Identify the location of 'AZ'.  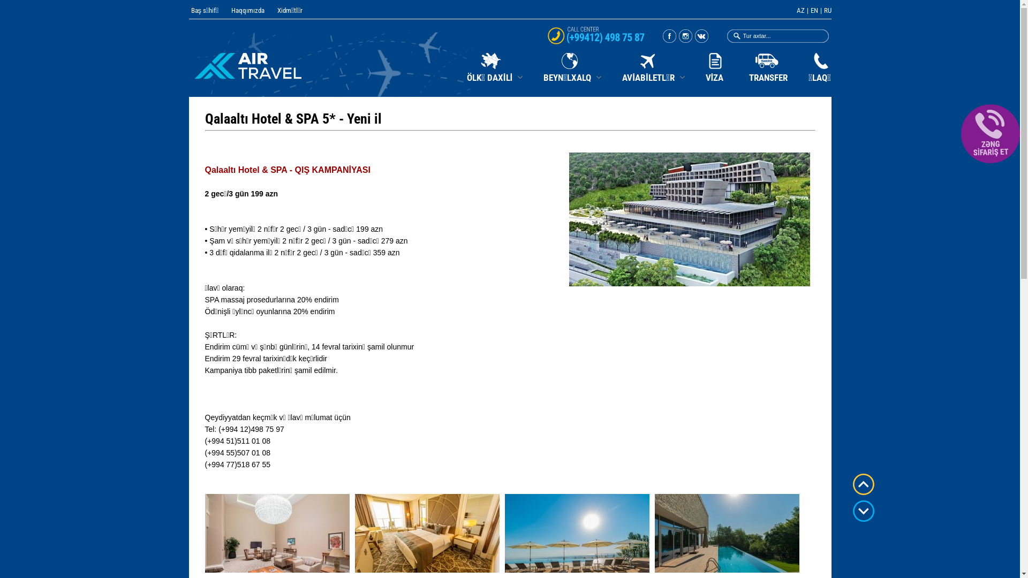
(800, 10).